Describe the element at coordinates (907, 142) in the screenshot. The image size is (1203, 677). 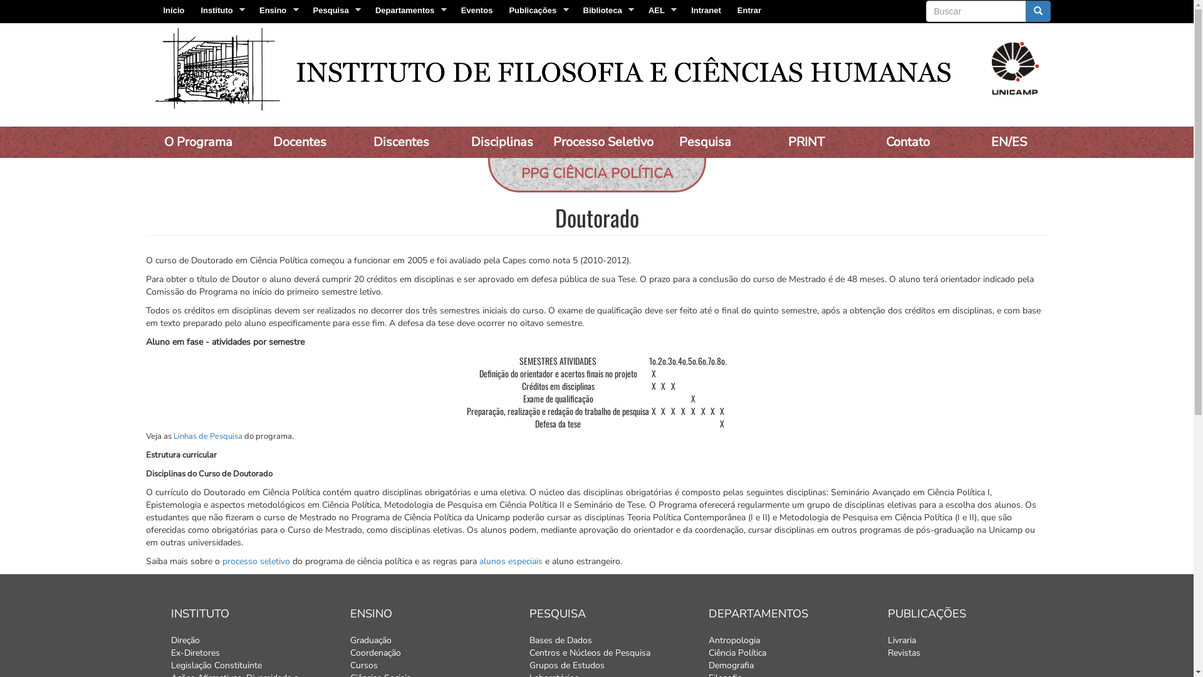
I see `'Contato'` at that location.